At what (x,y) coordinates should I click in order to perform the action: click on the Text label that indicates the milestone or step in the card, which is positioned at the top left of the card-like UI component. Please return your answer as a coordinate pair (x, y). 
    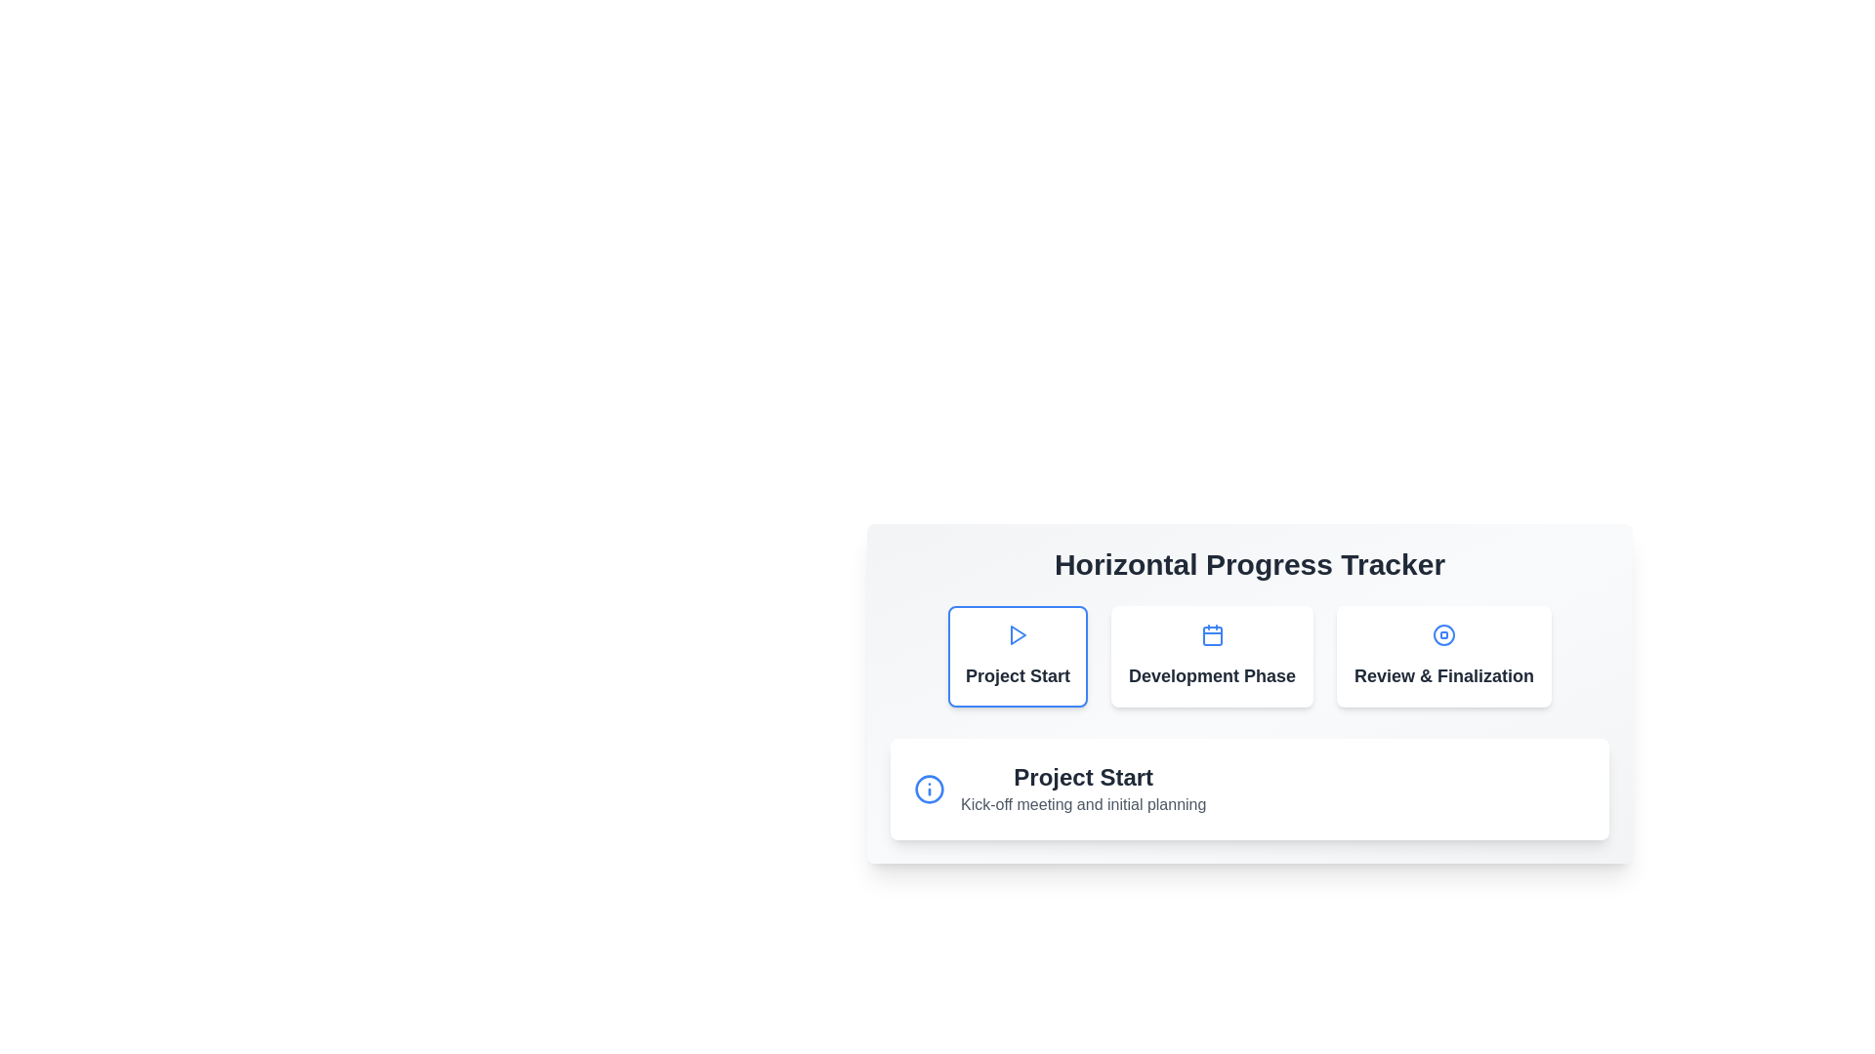
    Looking at the image, I should click on (1017, 675).